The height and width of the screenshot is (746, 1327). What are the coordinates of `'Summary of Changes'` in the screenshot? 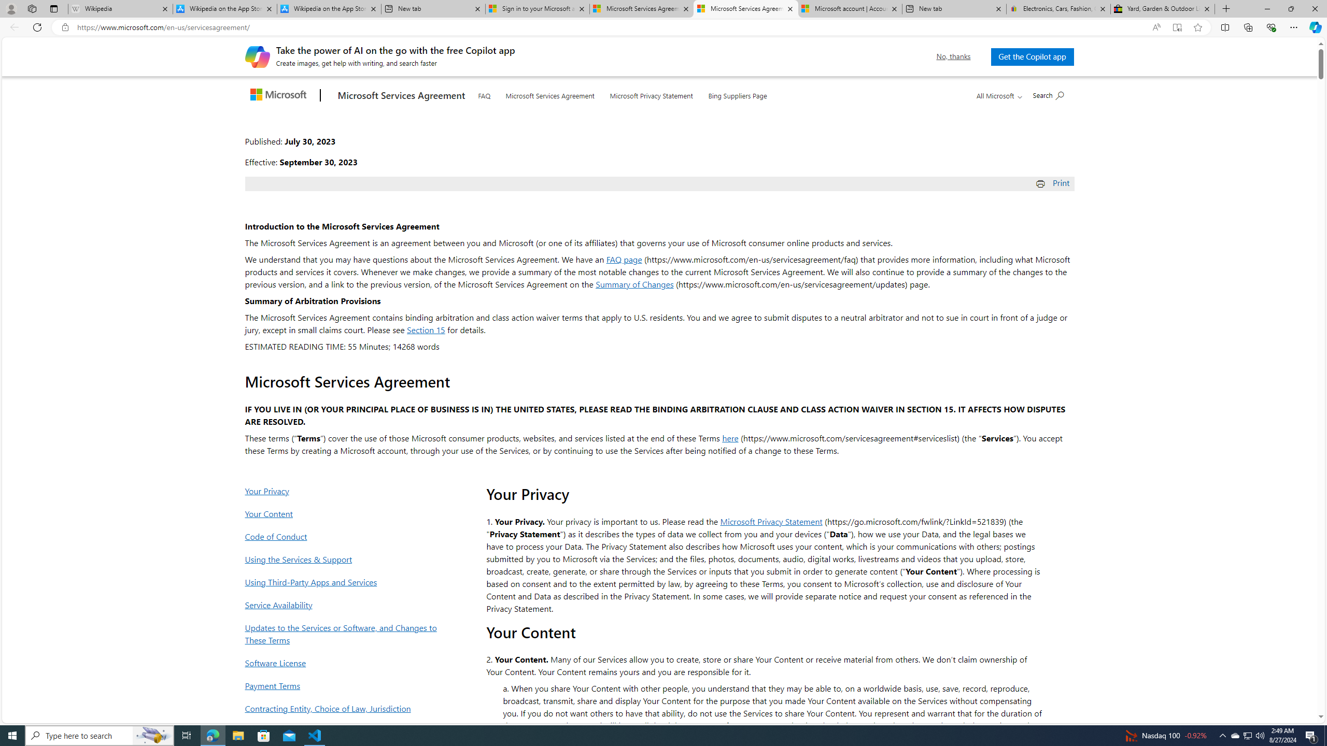 It's located at (634, 283).